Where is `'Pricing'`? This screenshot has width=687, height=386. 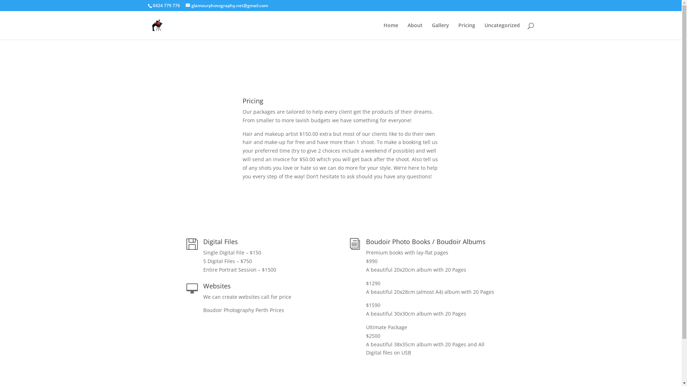
'Pricing' is located at coordinates (466, 31).